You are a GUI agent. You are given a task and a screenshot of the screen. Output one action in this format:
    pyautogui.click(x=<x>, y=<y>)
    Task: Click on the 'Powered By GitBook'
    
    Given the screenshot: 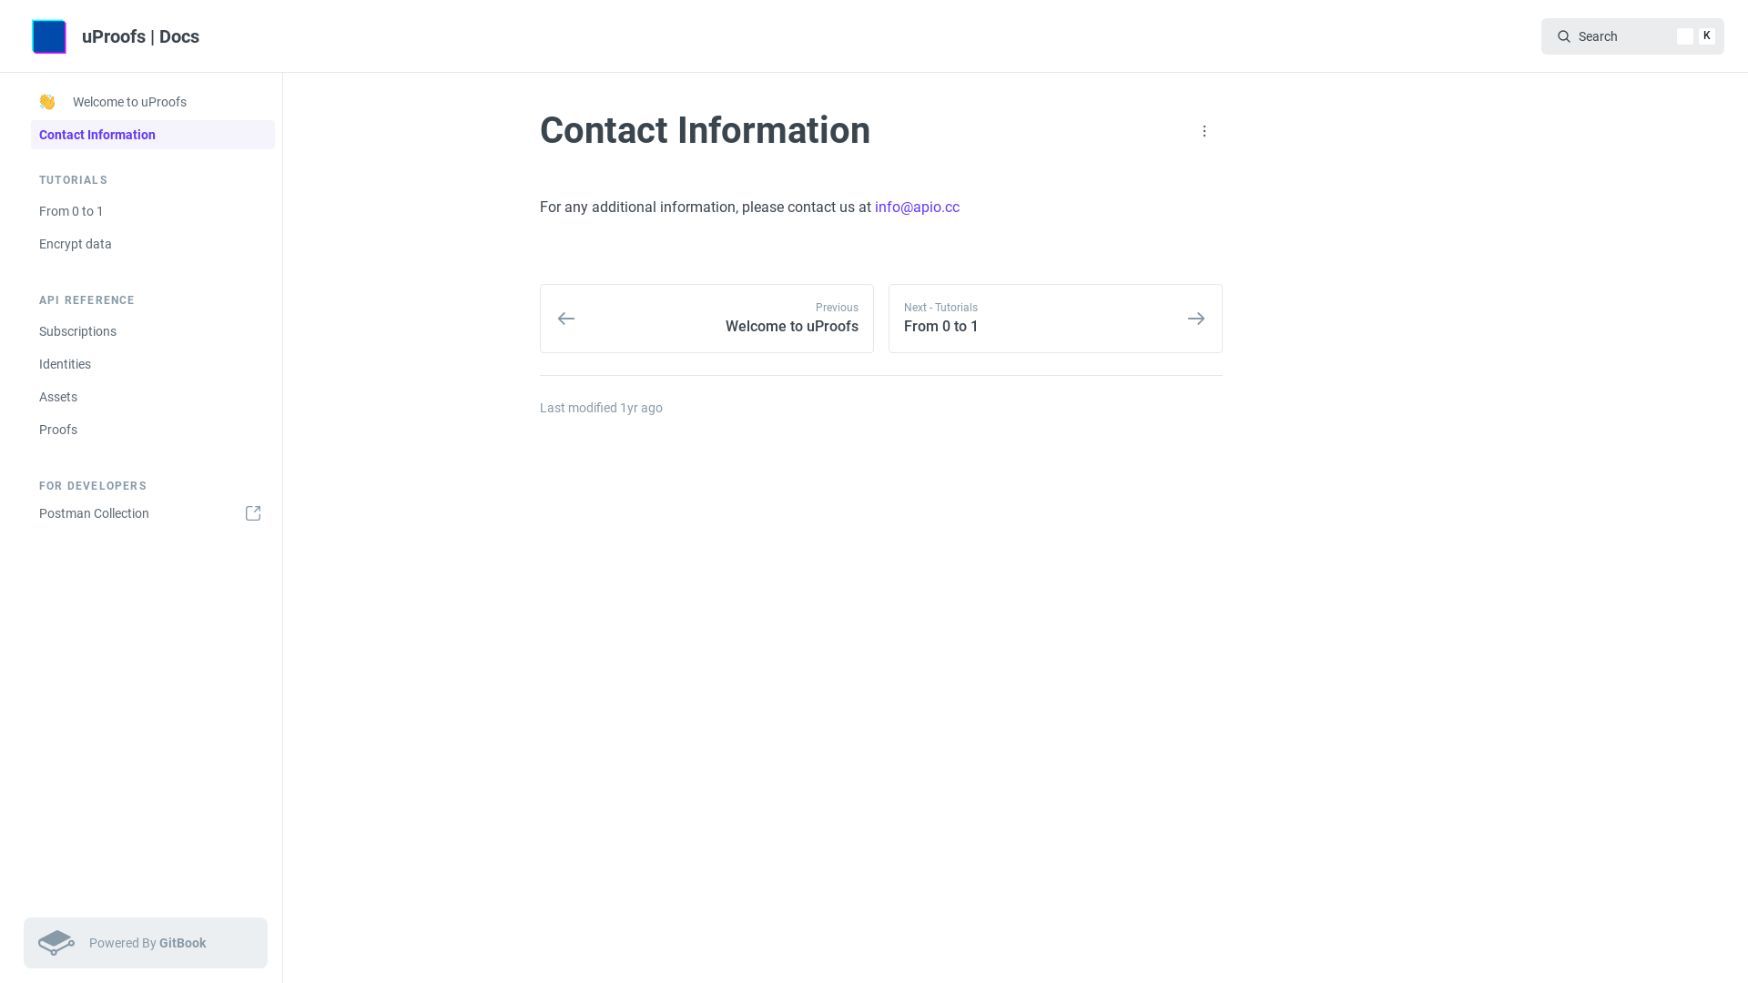 What is the action you would take?
    pyautogui.click(x=144, y=942)
    